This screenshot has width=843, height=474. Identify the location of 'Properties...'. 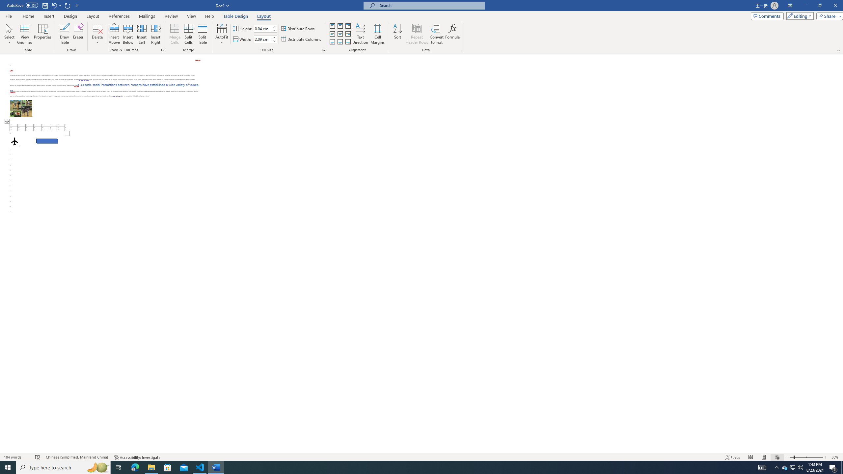
(323, 49).